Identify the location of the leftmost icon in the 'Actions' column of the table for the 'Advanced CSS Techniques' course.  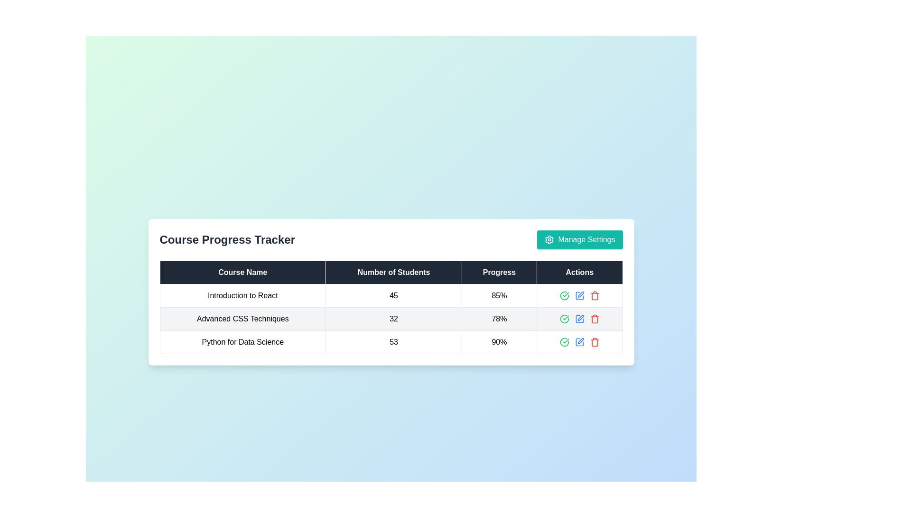
(564, 318).